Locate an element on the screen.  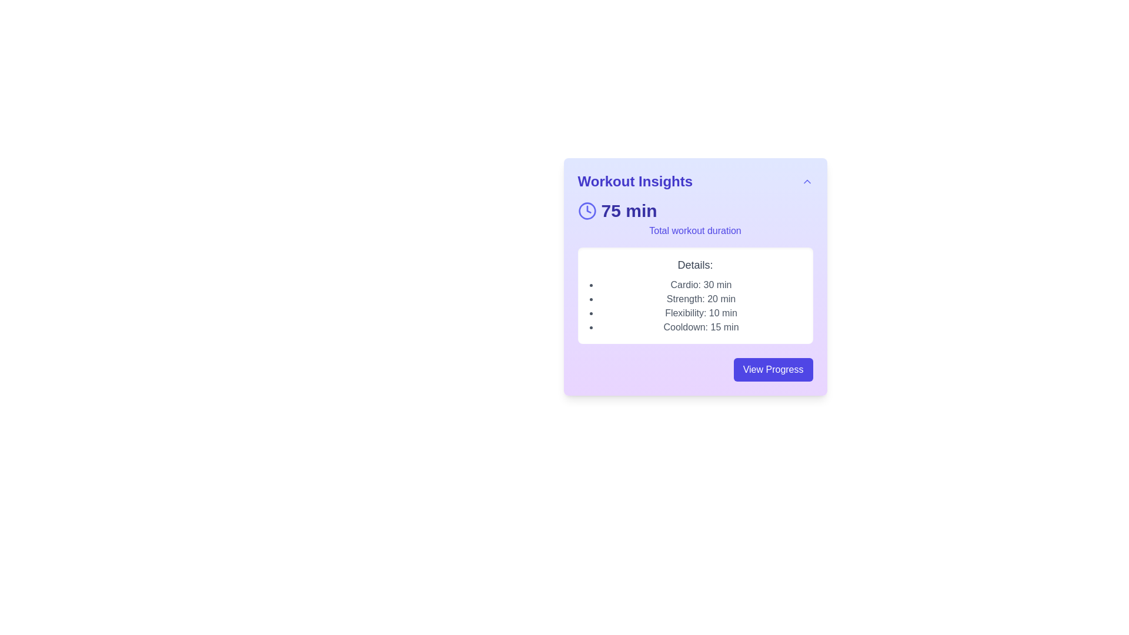
the indigo clock hands icon, which is a stroke icon part of the clock representation located to the left of the '75 min' text in the 'Workout Insights' section is located at coordinates (589, 209).